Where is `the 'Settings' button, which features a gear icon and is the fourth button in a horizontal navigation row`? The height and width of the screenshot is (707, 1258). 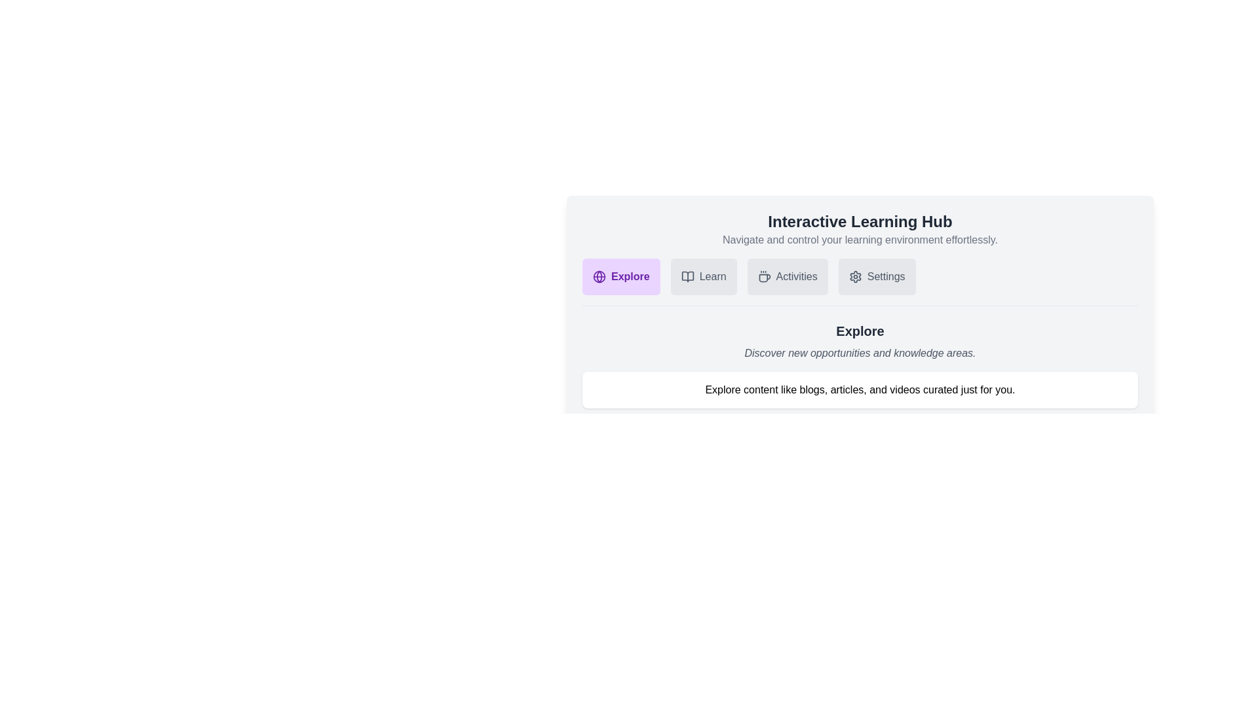 the 'Settings' button, which features a gear icon and is the fourth button in a horizontal navigation row is located at coordinates (877, 276).